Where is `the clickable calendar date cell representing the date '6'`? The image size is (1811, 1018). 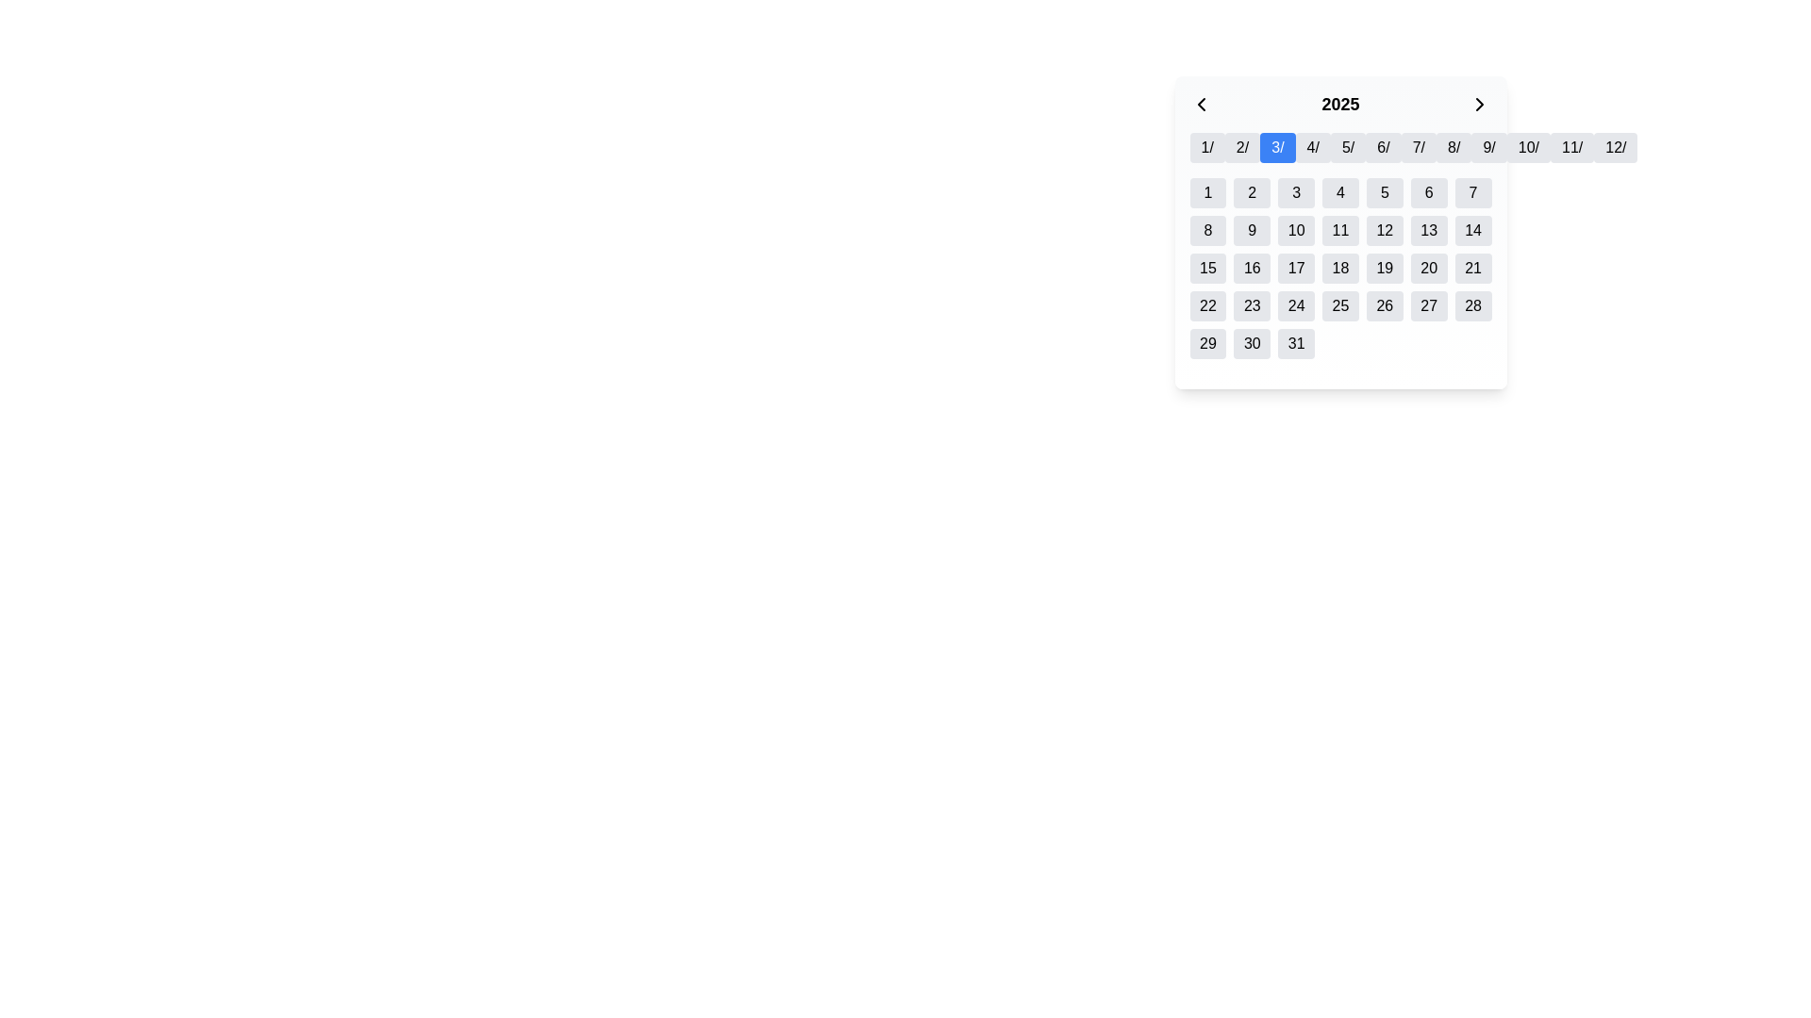
the clickable calendar date cell representing the date '6' is located at coordinates (1429, 192).